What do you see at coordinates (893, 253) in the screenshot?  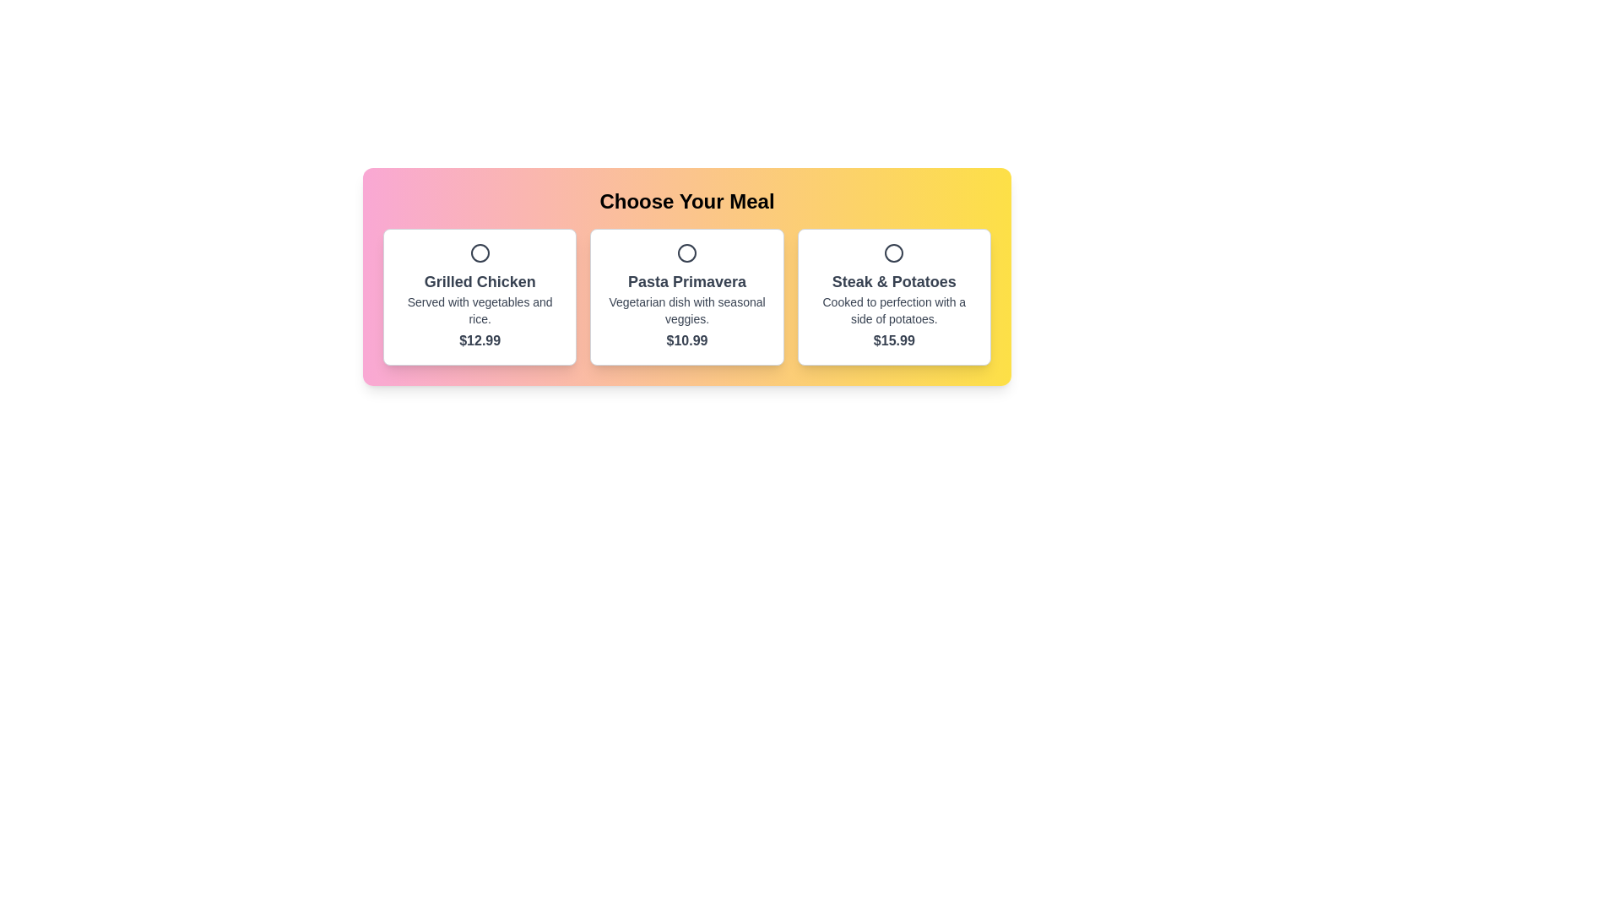 I see `the radio button` at bounding box center [893, 253].